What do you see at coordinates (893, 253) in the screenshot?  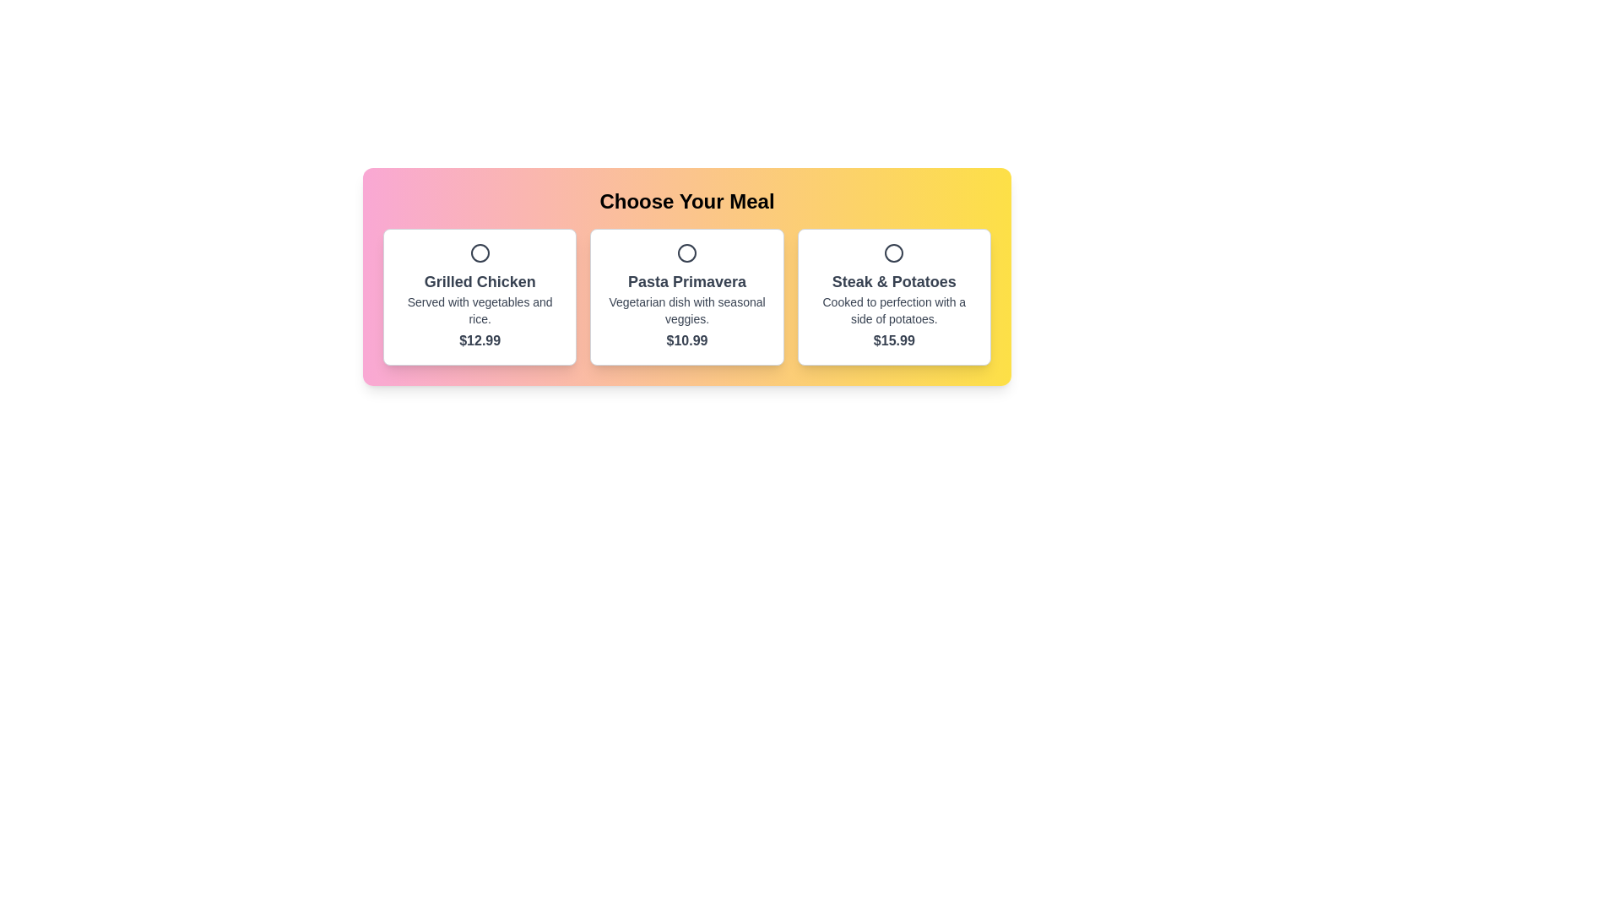 I see `the radio button` at bounding box center [893, 253].